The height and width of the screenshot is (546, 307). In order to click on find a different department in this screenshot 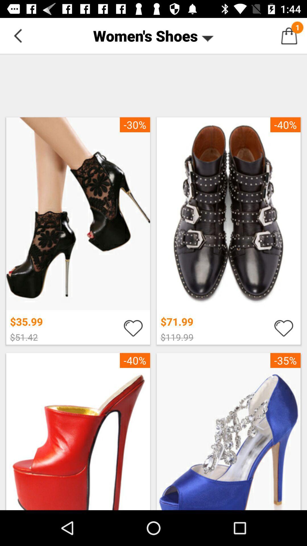, I will do `click(17, 35)`.